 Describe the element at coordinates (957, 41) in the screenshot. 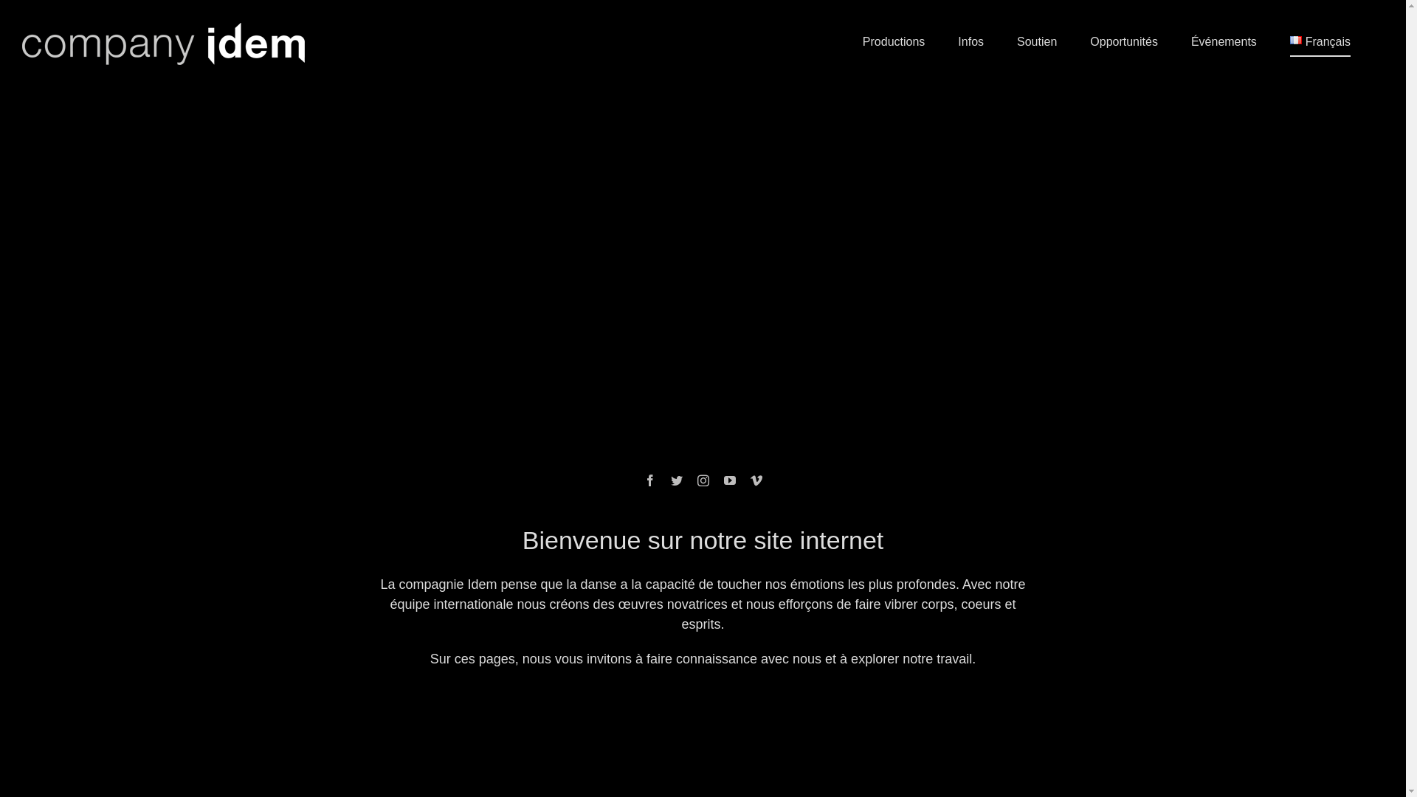

I see `'Infos'` at that location.